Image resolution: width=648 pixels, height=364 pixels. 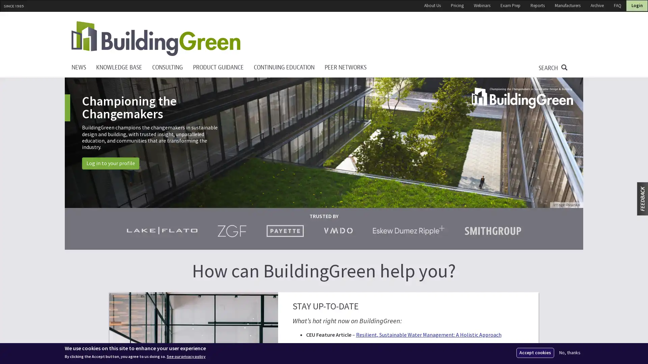 What do you see at coordinates (186, 356) in the screenshot?
I see `See our privacy policy` at bounding box center [186, 356].